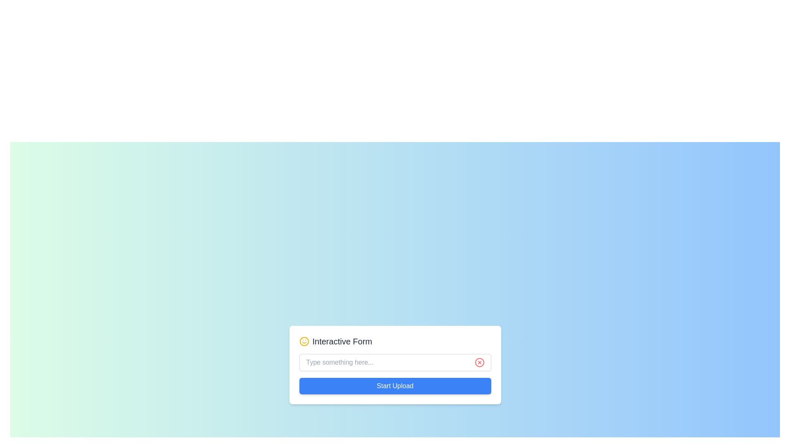 This screenshot has height=446, width=794. Describe the element at coordinates (395, 386) in the screenshot. I see `the 'Start Upload' button with a blue background and white text` at that location.